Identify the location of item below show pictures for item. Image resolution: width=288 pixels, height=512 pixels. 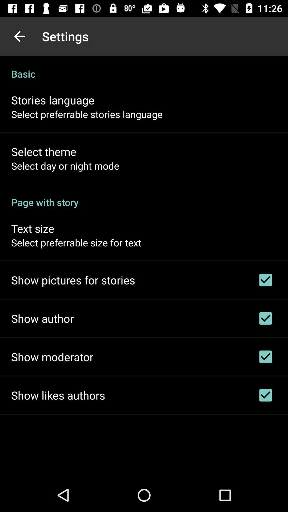
(42, 318).